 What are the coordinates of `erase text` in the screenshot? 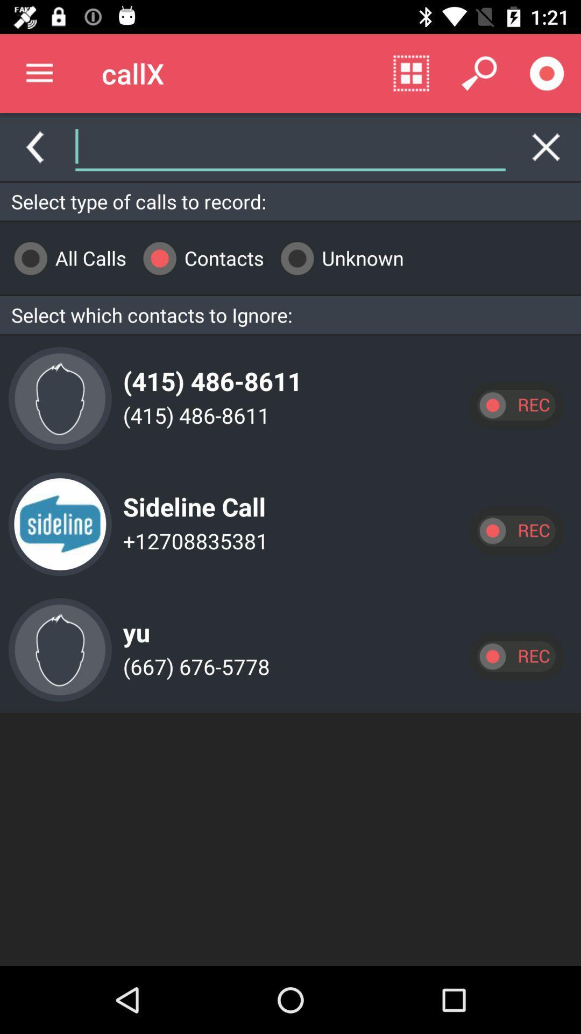 It's located at (546, 146).